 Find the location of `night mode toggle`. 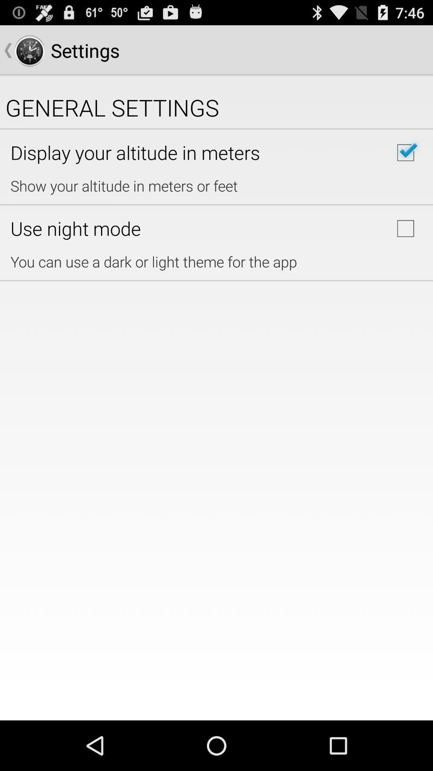

night mode toggle is located at coordinates (405, 228).